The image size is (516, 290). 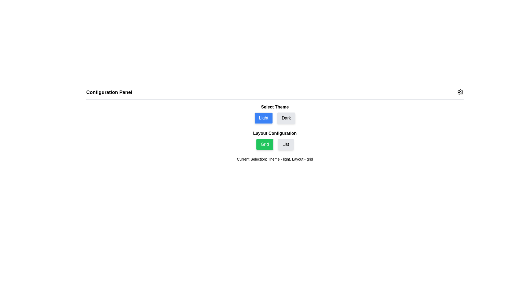 I want to click on the 'Layout Configuration' label which is a bold text element located between the 'Select Theme' section and the 'Grid' and 'List' buttons, so click(x=275, y=133).